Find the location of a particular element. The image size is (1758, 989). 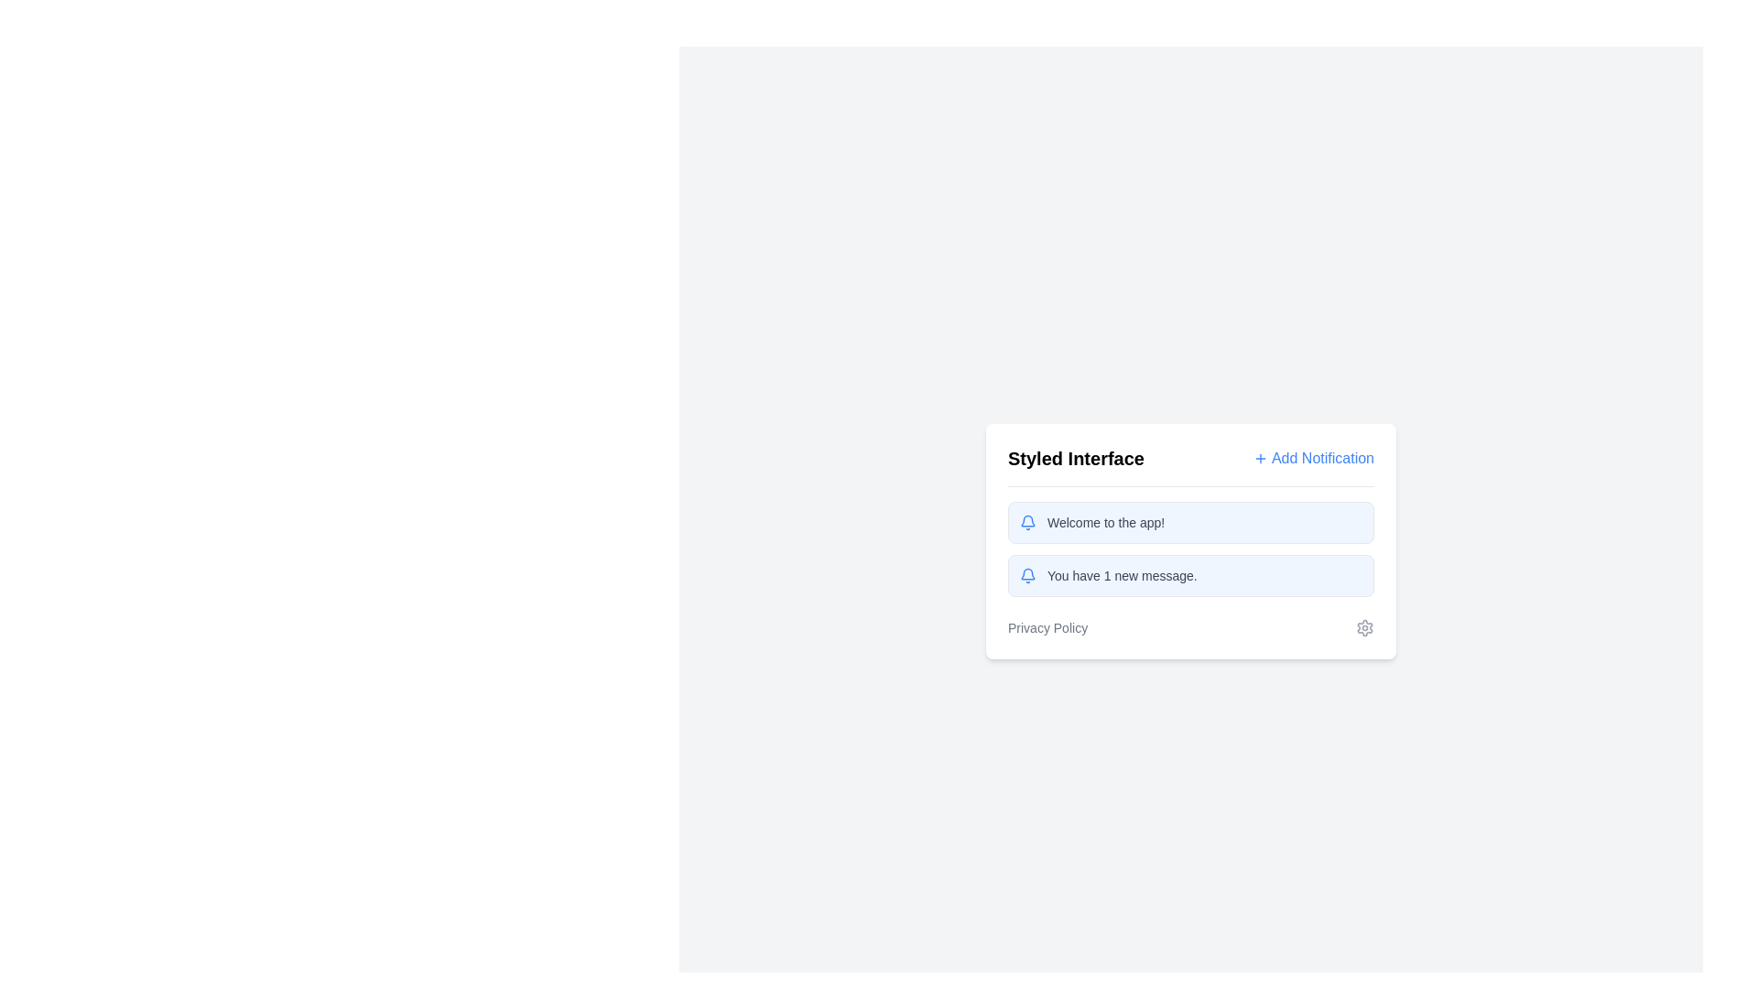

the second notification message in the notification area of the 'Styled Interface' that displays 'Welcome to the app! You have 1 new message.' is located at coordinates (1190, 547).